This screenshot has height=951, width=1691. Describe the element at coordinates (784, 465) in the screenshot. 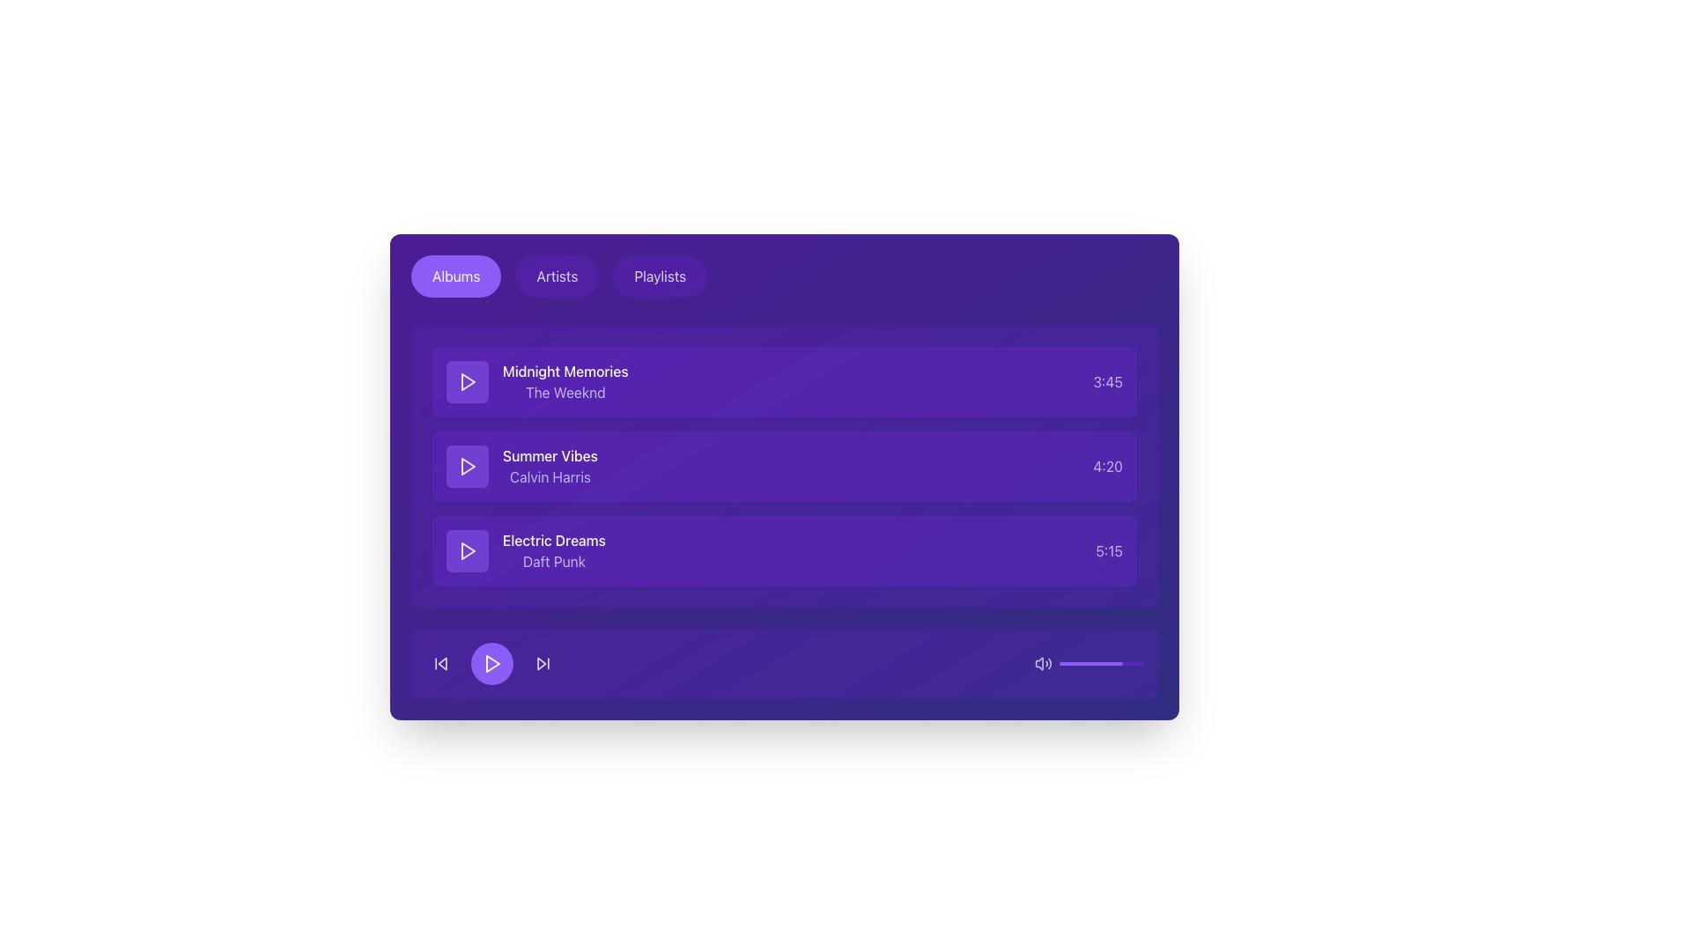

I see `a song entry in the playlist, which is part of a violet-themed interface located below the navigation menu titled 'Albums', 'Artists', and 'Playlists'` at that location.